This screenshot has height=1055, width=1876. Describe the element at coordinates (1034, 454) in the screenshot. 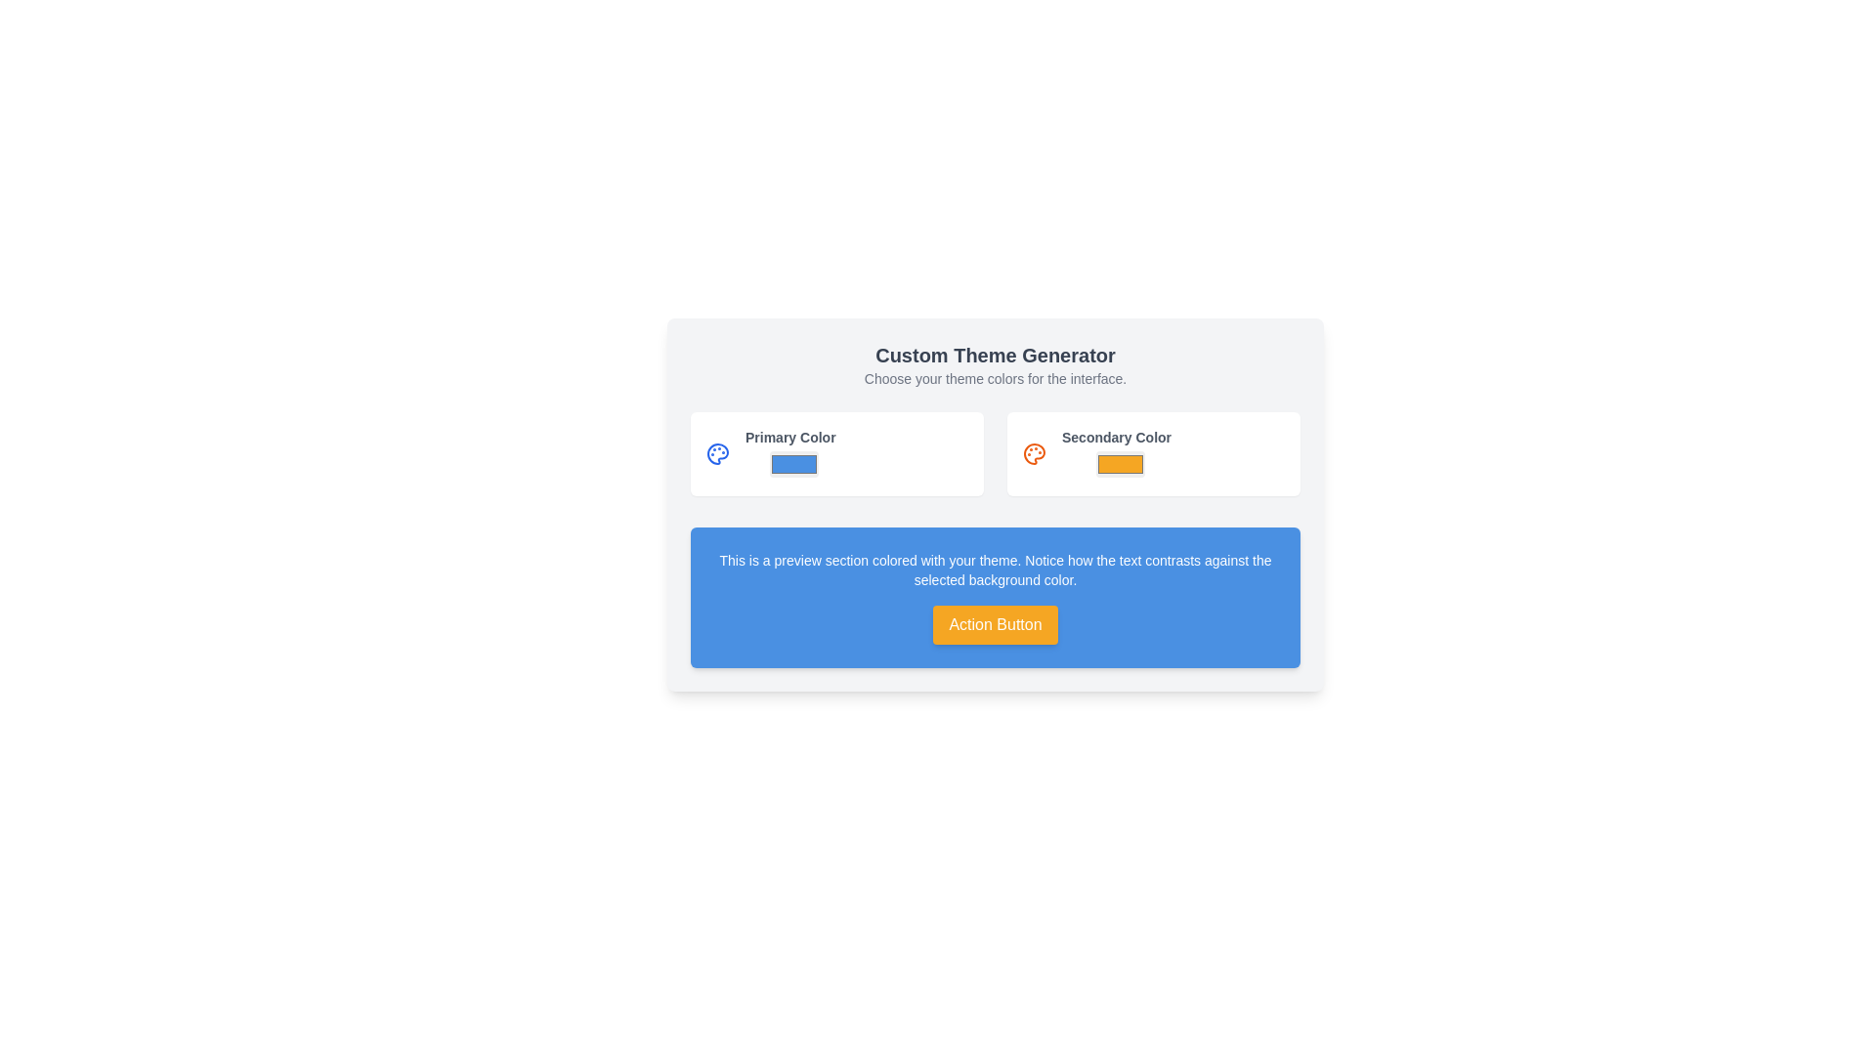

I see `the Decorative icon located at the top-center of the 'Secondary Color' card, adjacent to the color picker and label text` at that location.